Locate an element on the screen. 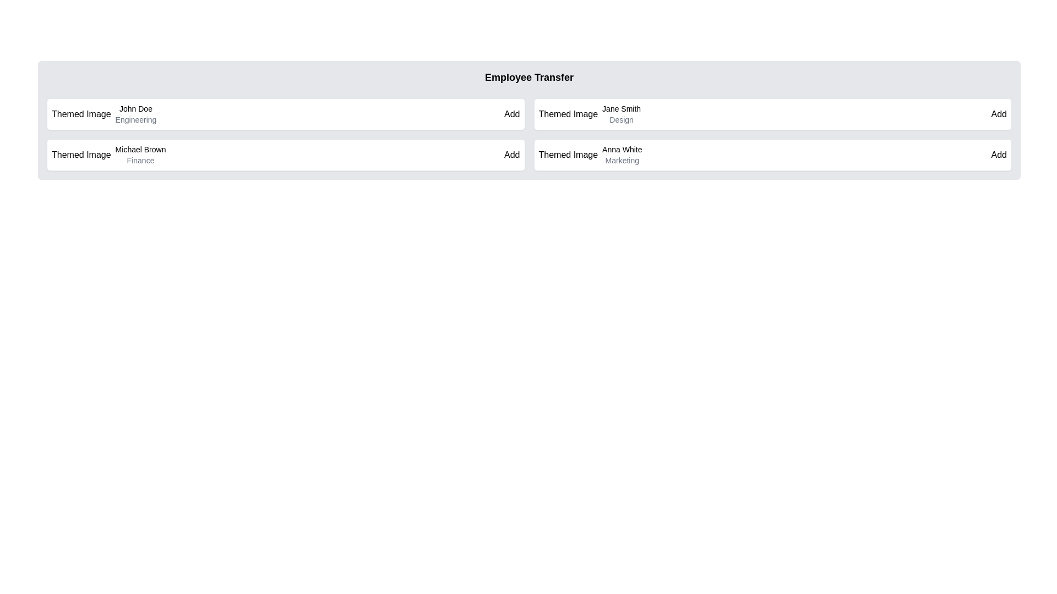 The width and height of the screenshot is (1057, 594). the Text Block element displaying 'Anna White' and 'Marketing' located in the bottom-right card of the grid is located at coordinates (622, 155).